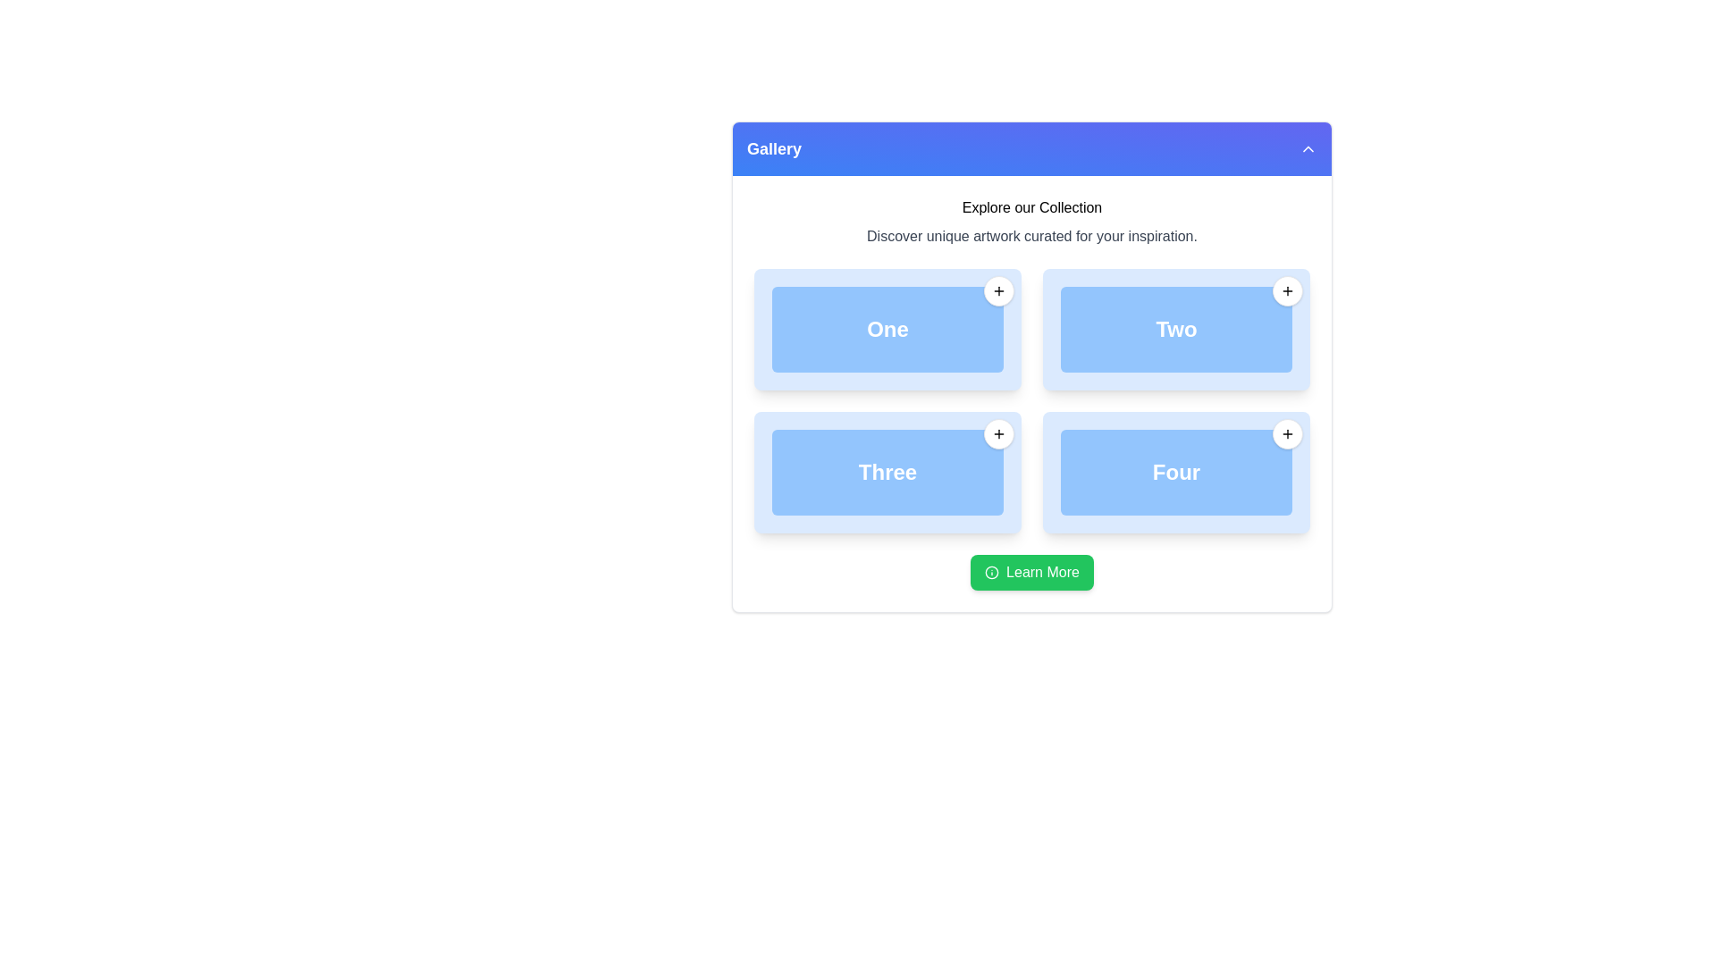 The image size is (1716, 965). What do you see at coordinates (1287, 434) in the screenshot?
I see `the 'Add' button located in the top-right corner of the card labeled 'Four'` at bounding box center [1287, 434].